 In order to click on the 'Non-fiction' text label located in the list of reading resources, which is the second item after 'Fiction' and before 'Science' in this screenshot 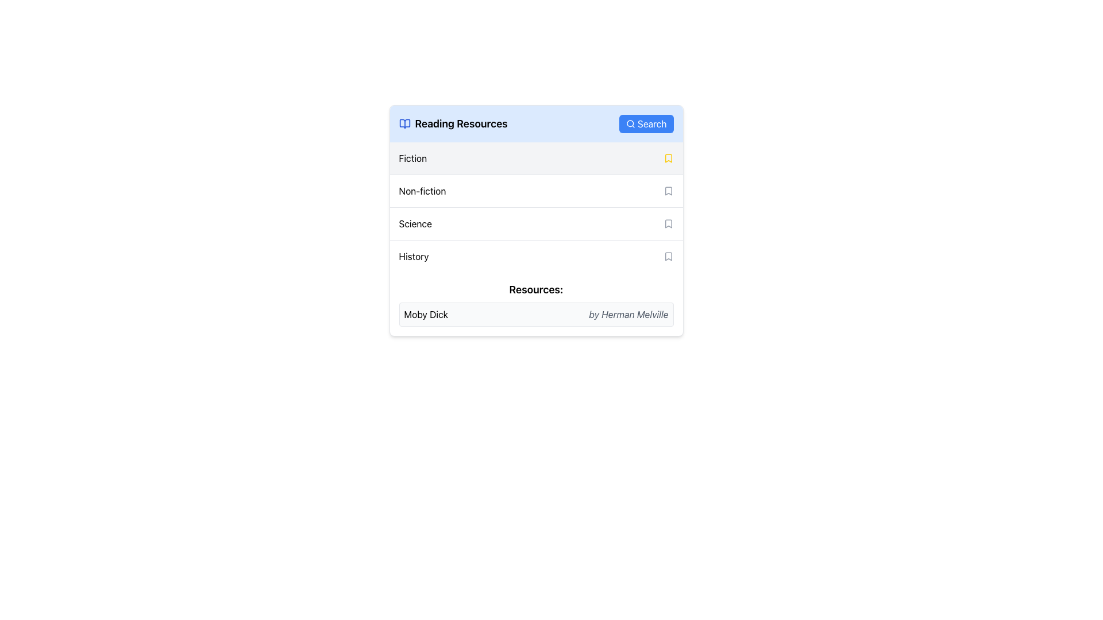, I will do `click(422, 190)`.